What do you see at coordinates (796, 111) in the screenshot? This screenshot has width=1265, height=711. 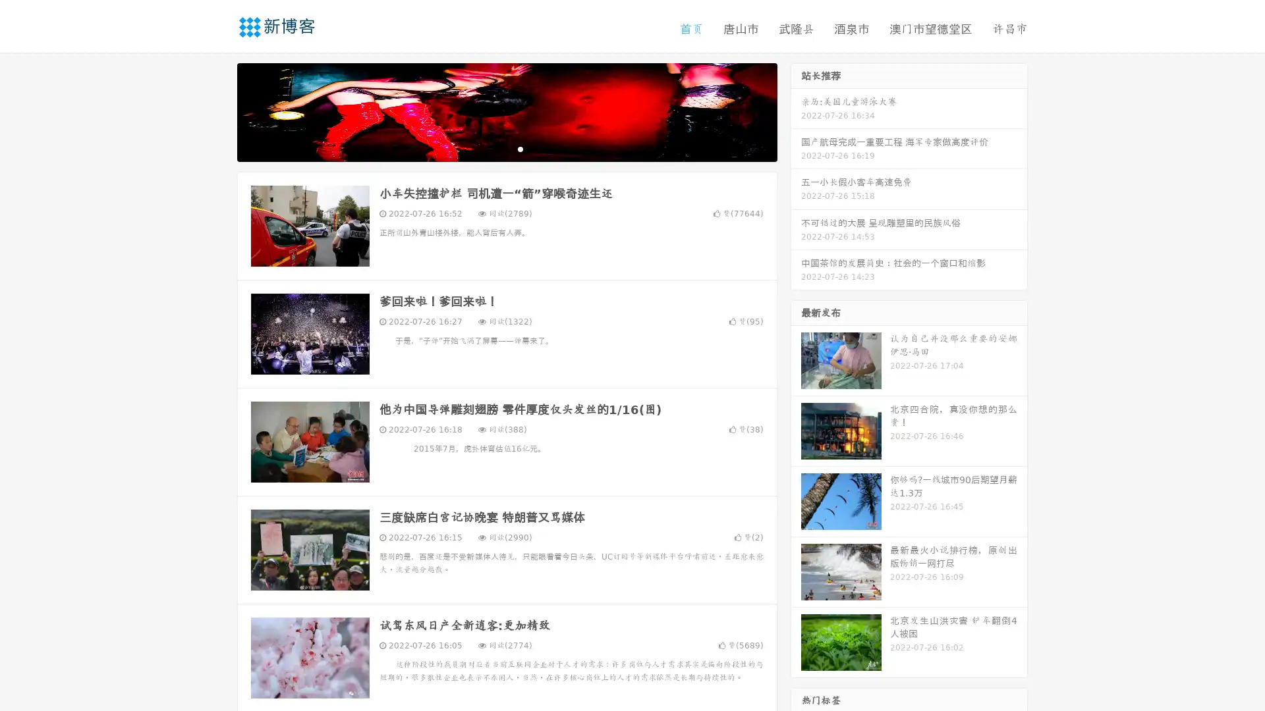 I see `Next slide` at bounding box center [796, 111].